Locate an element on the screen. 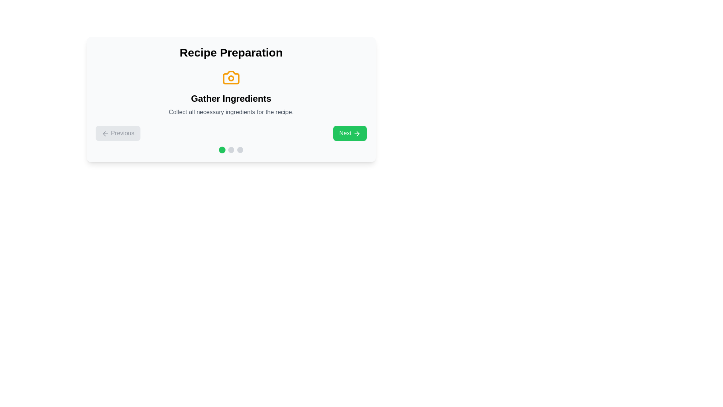  the second circular page indicator located between a green-selected circle and a gray circle at the bottom center of the page is located at coordinates (231, 150).